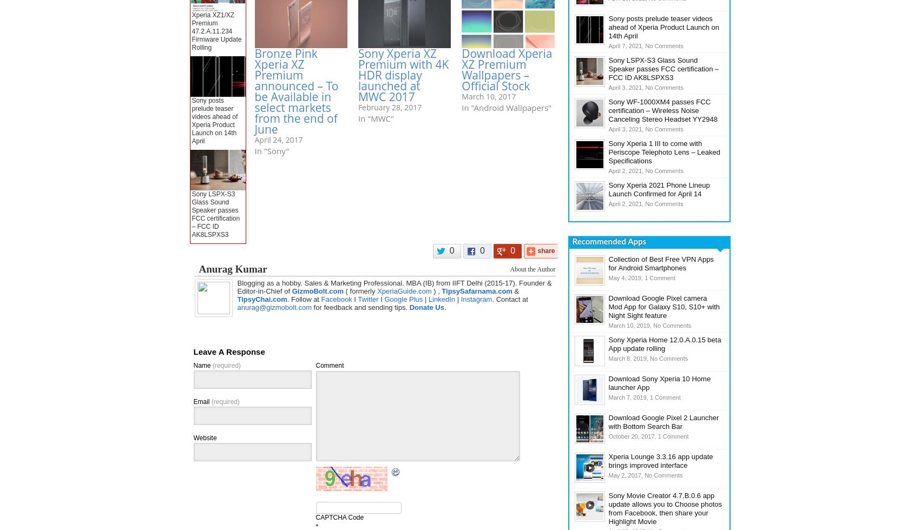 The image size is (920, 530). I want to click on 'May 4, 2019,', so click(626, 278).